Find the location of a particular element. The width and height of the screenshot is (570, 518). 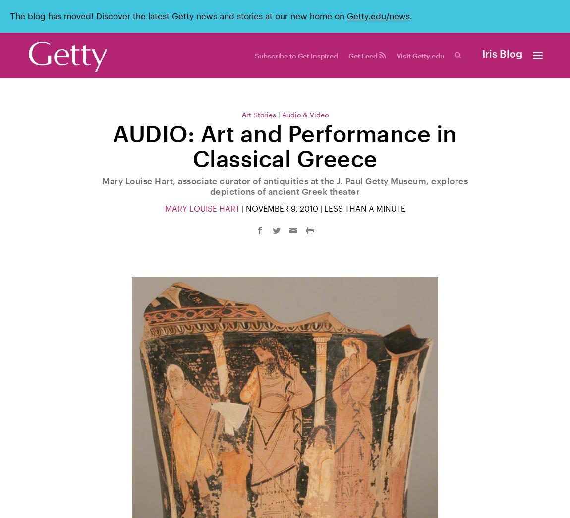

'Get Feed' is located at coordinates (363, 55).